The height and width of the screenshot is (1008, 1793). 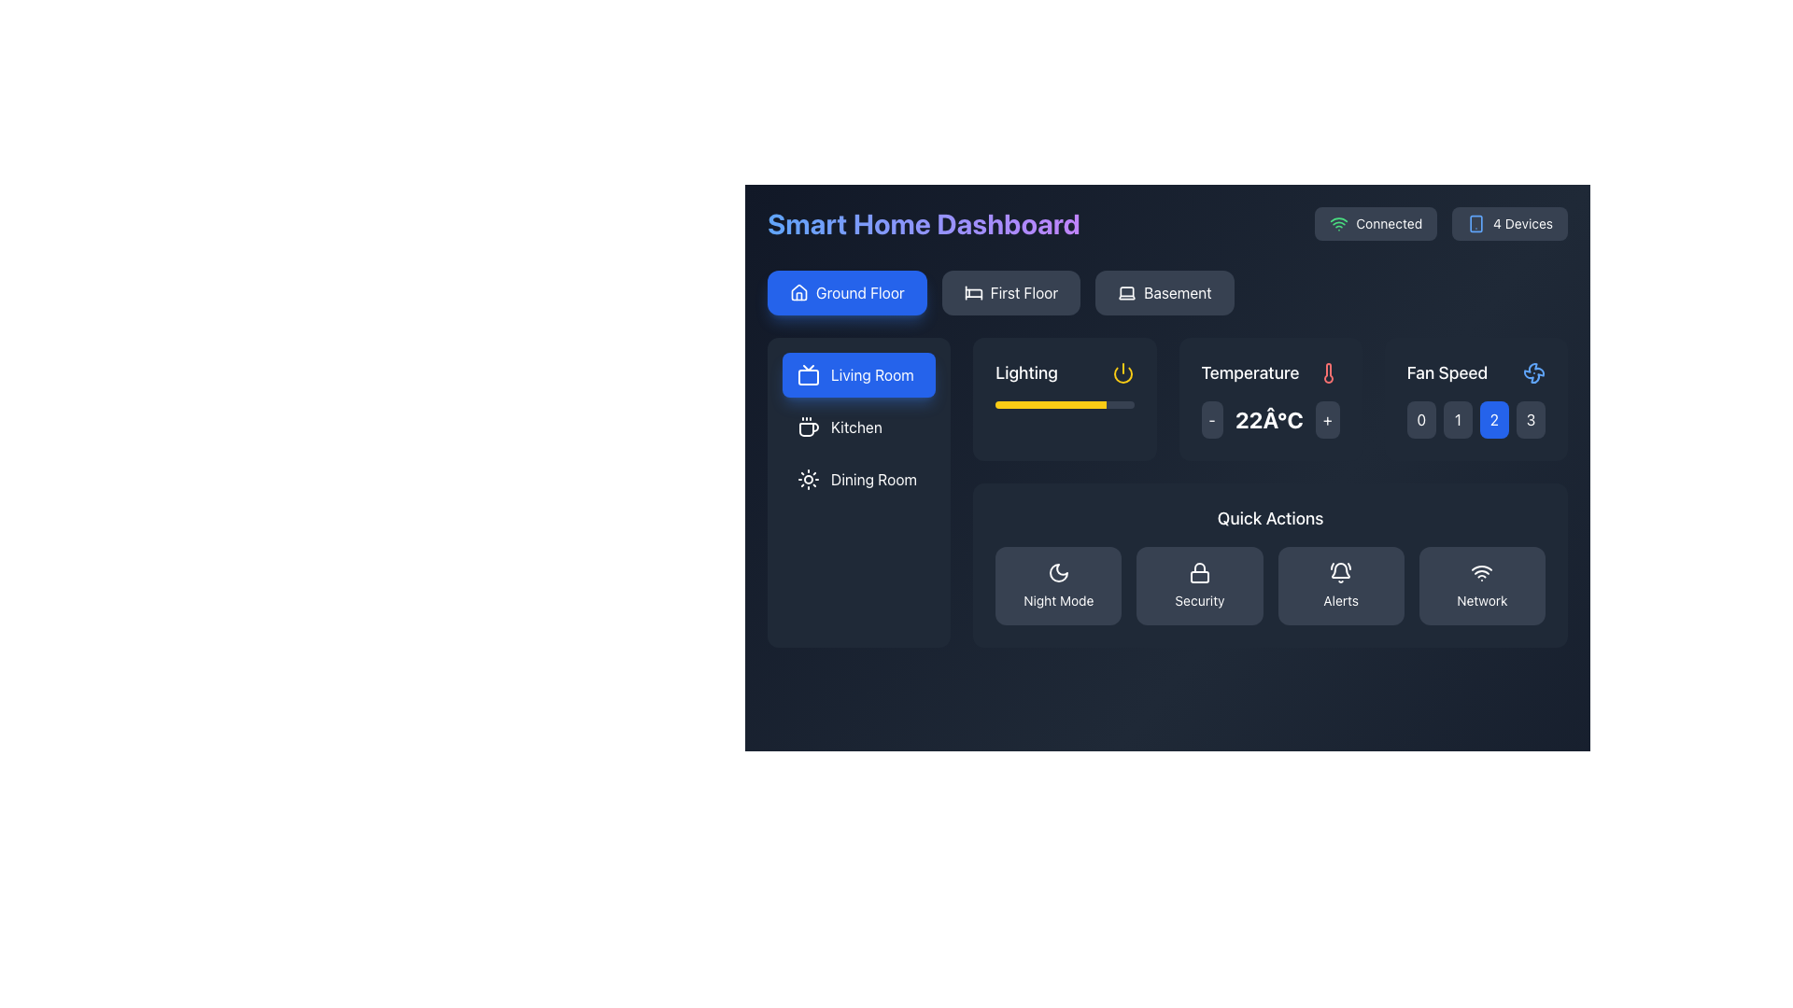 What do you see at coordinates (1269, 420) in the screenshot?
I see `the bold and large text Label displaying '22Â°C', which is centrally aligned between the '-' and '+' buttons in the temperature control section located in the upper-right quadrant of the main interface` at bounding box center [1269, 420].